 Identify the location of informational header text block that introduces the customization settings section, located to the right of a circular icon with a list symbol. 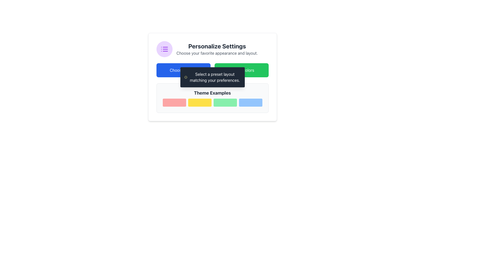
(217, 49).